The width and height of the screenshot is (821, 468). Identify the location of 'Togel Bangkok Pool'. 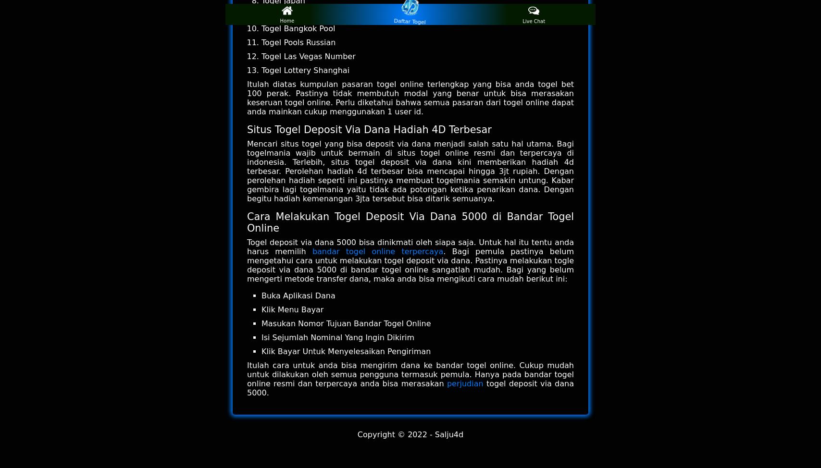
(261, 28).